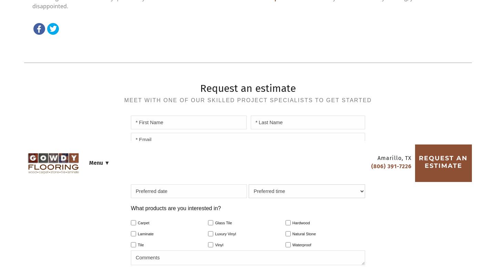 The image size is (496, 269). I want to click on '(806) 391-7226', so click(279, 63).